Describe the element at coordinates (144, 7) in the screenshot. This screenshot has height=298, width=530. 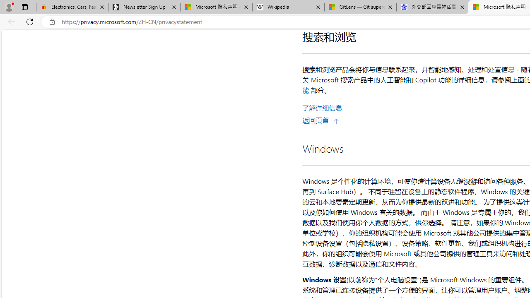
I see `'Newsletter Sign Up'` at that location.